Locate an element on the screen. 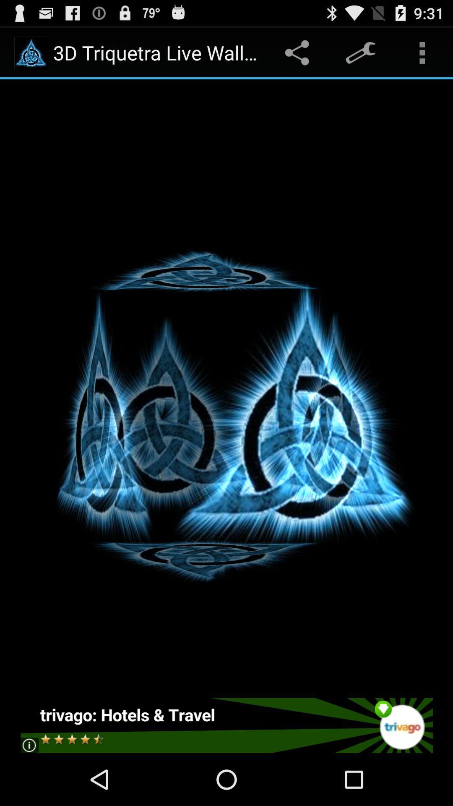  app is located at coordinates (226, 725).